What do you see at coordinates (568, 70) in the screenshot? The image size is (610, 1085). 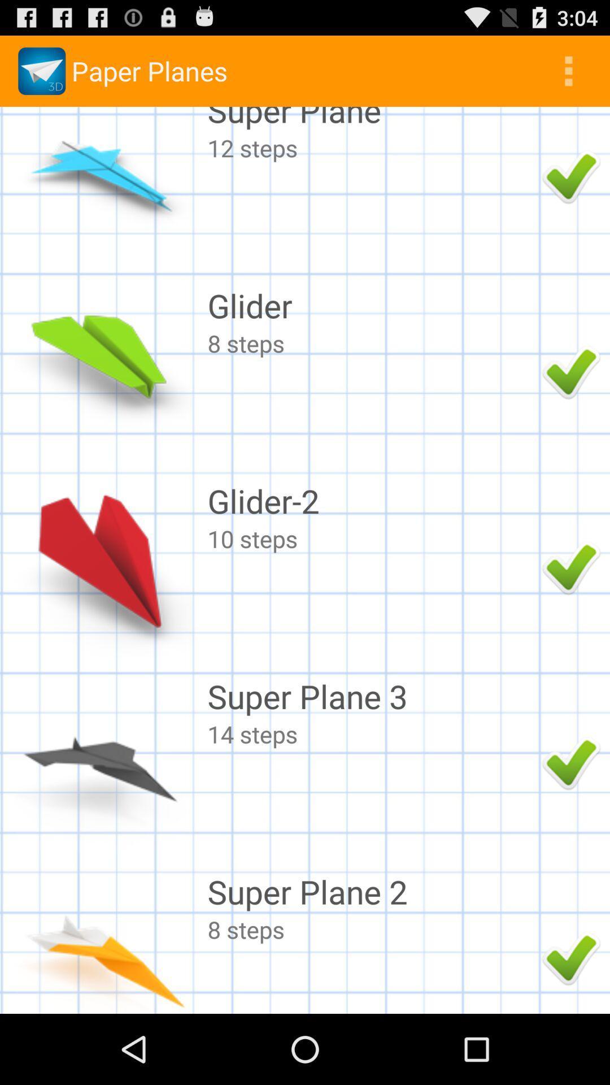 I see `the app to the right of the paper planes icon` at bounding box center [568, 70].